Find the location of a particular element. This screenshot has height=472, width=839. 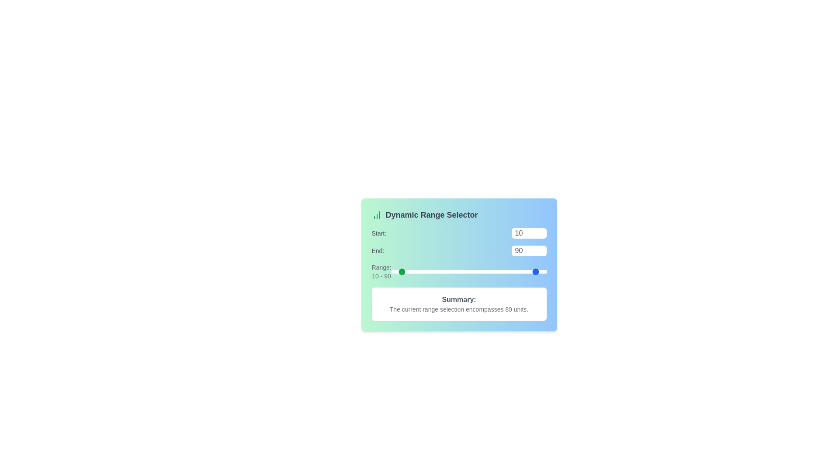

the 'Start' range value to 17 using the input box is located at coordinates (528, 233).